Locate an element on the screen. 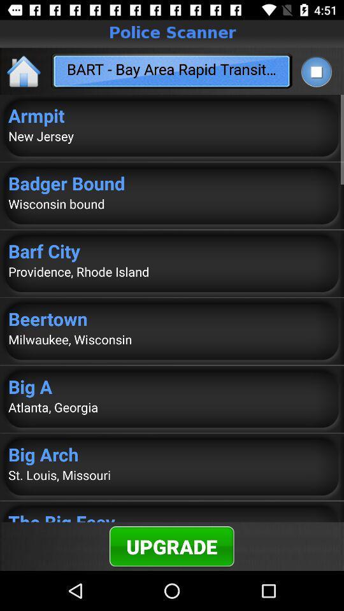 This screenshot has width=344, height=611. icon above armpit icon is located at coordinates (24, 71).